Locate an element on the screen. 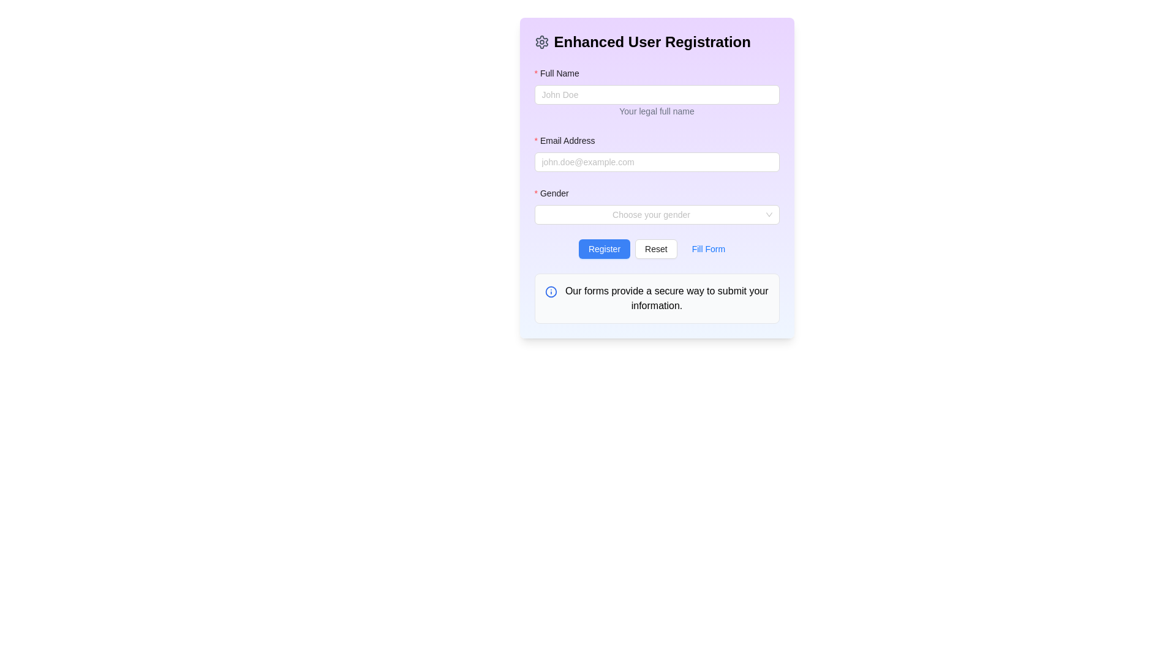 This screenshot has width=1176, height=661. the dropdown menu input field for selecting gender, which is the third input field in the form located below the 'Email Address' field is located at coordinates (650, 214).